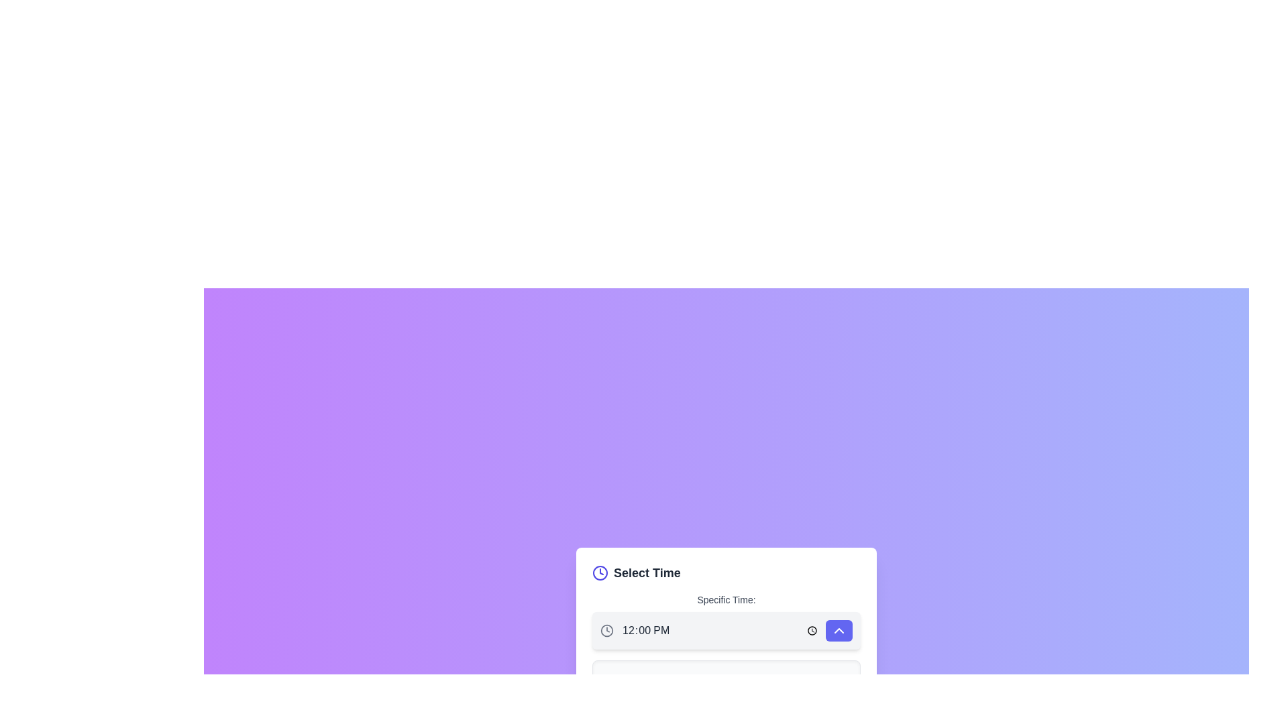  What do you see at coordinates (726, 631) in the screenshot?
I see `the upward arrow button of the time picker to increment the displayed time` at bounding box center [726, 631].